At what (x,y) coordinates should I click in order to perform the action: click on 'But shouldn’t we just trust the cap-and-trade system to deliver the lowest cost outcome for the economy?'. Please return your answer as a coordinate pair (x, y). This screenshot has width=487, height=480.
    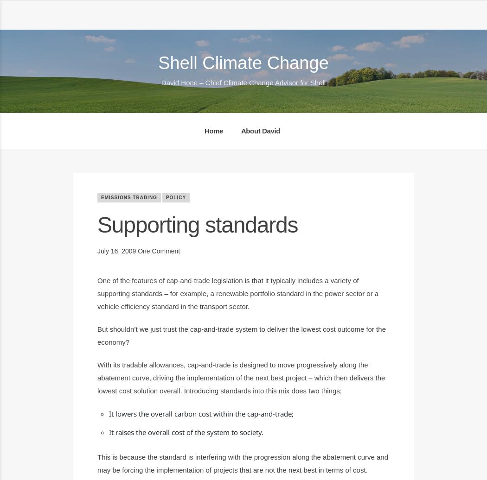
    Looking at the image, I should click on (97, 335).